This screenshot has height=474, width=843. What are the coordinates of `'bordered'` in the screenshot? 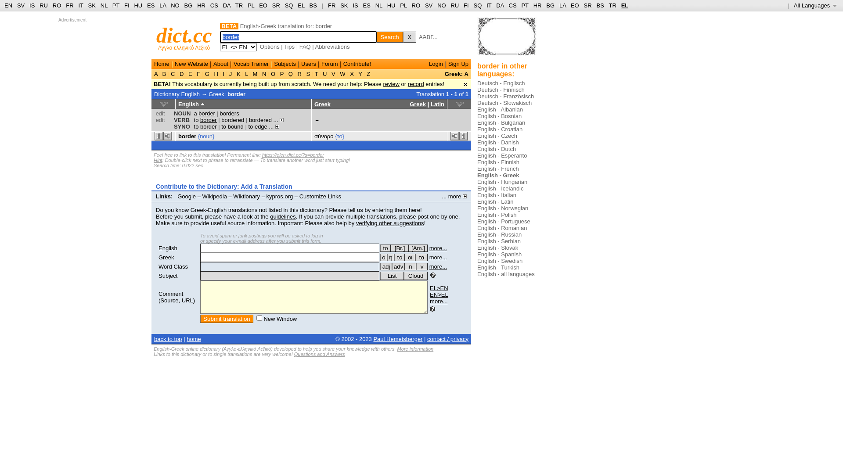 It's located at (221, 120).